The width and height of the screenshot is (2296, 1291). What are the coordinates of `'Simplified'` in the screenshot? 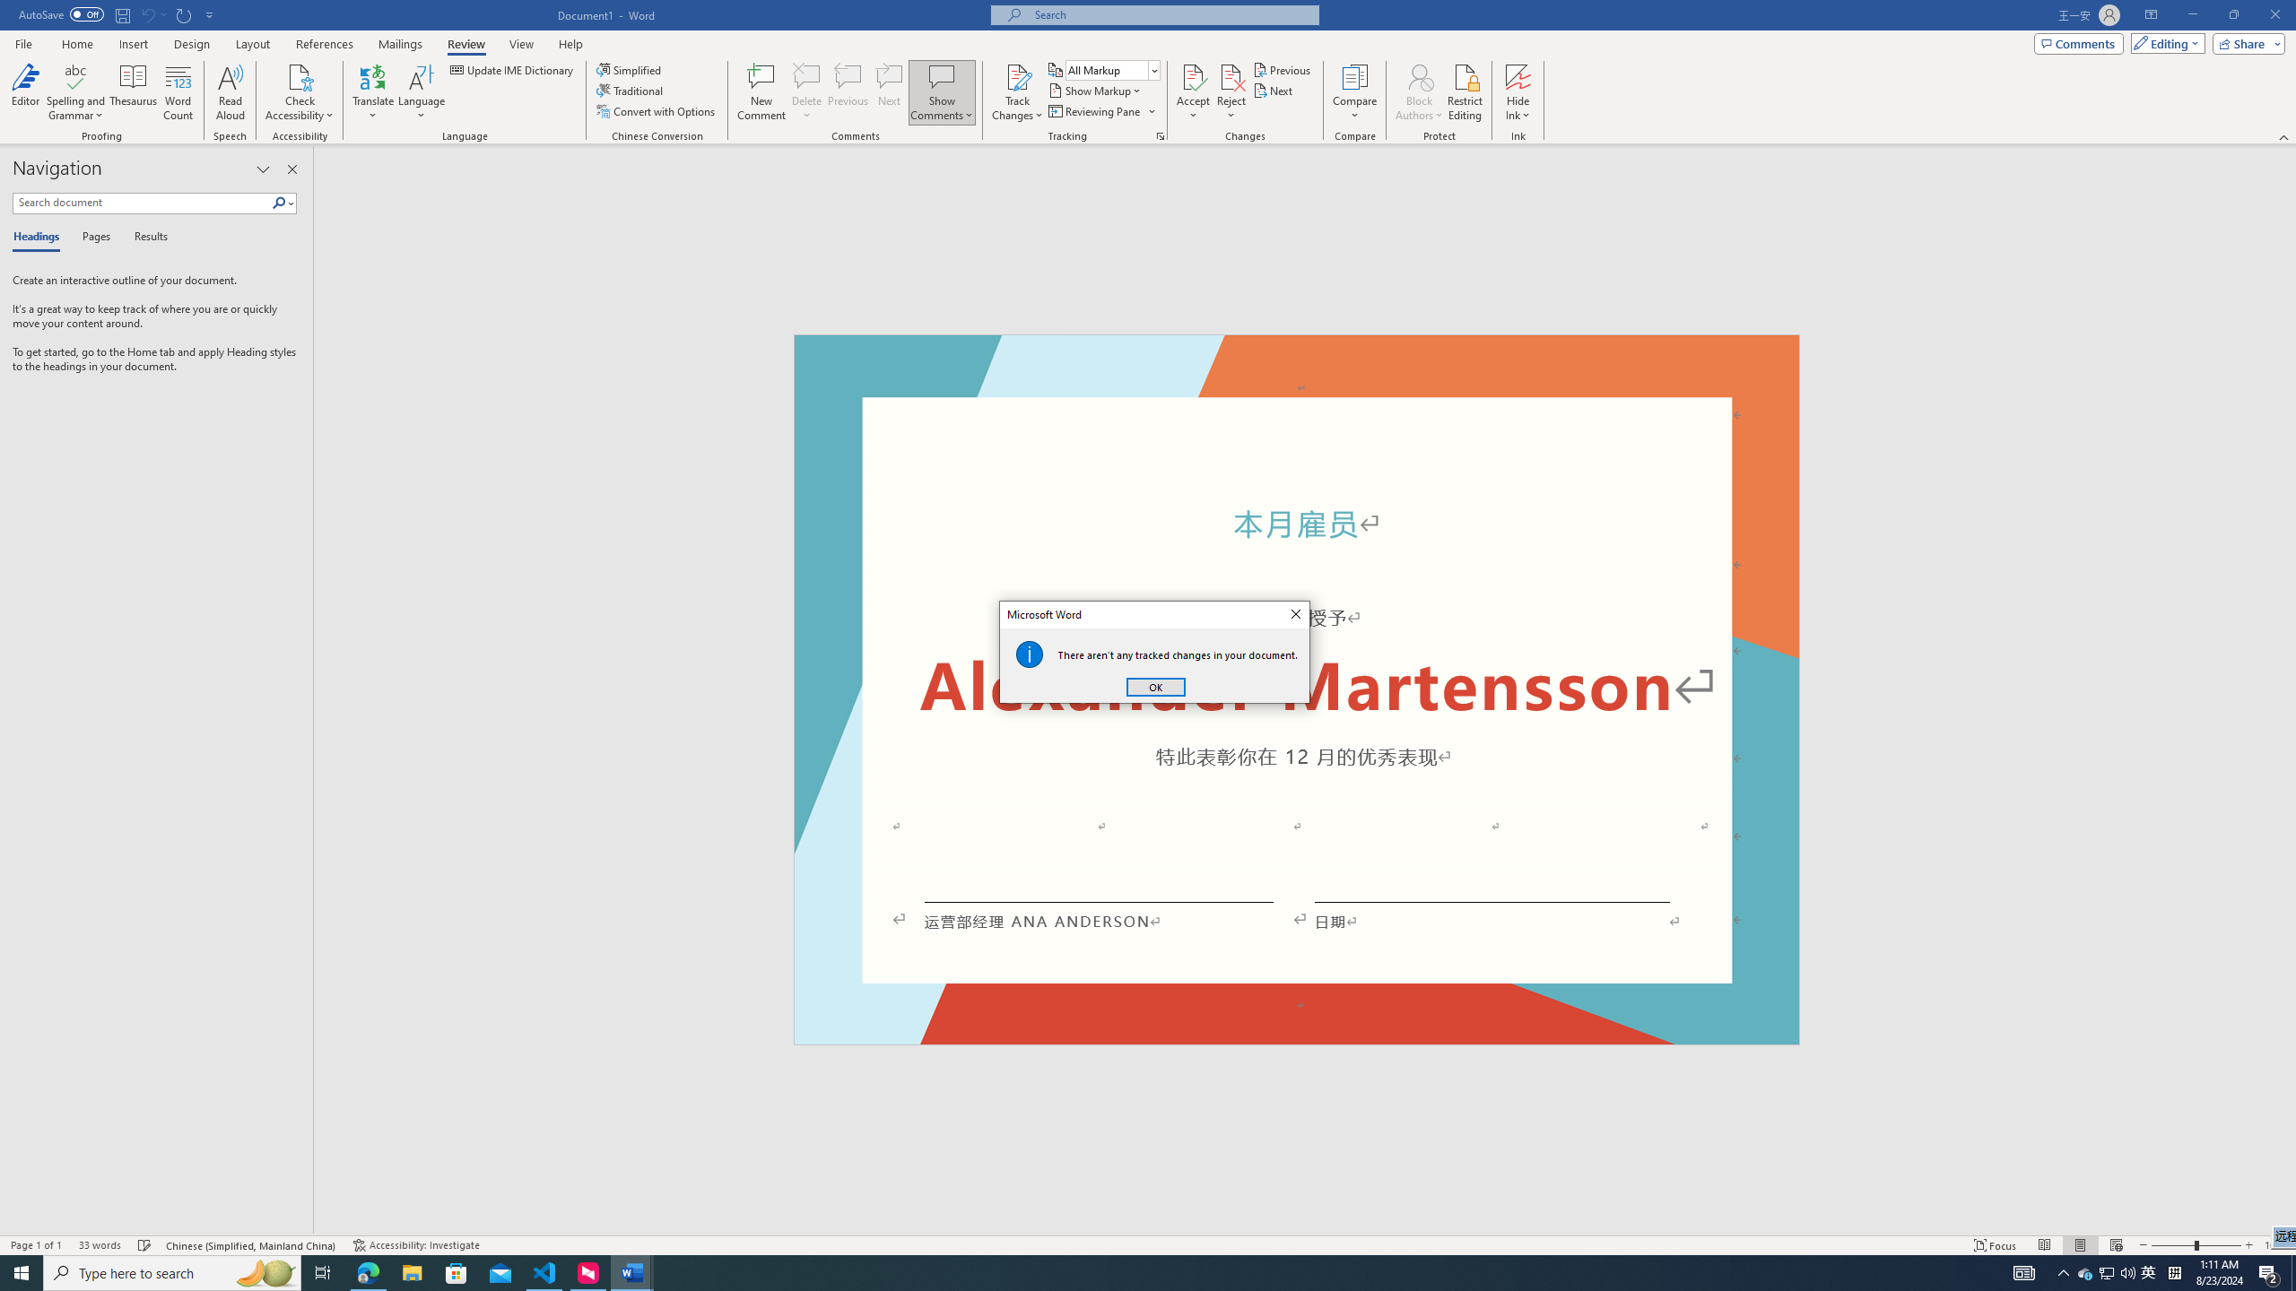 It's located at (631, 69).